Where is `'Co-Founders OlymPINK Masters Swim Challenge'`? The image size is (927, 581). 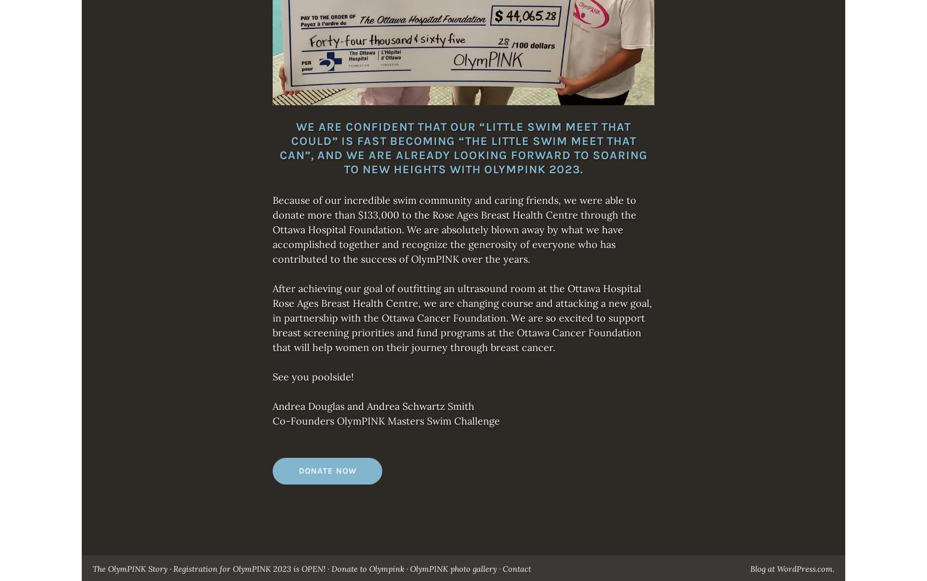
'Co-Founders OlymPINK Masters Swim Challenge' is located at coordinates (386, 420).